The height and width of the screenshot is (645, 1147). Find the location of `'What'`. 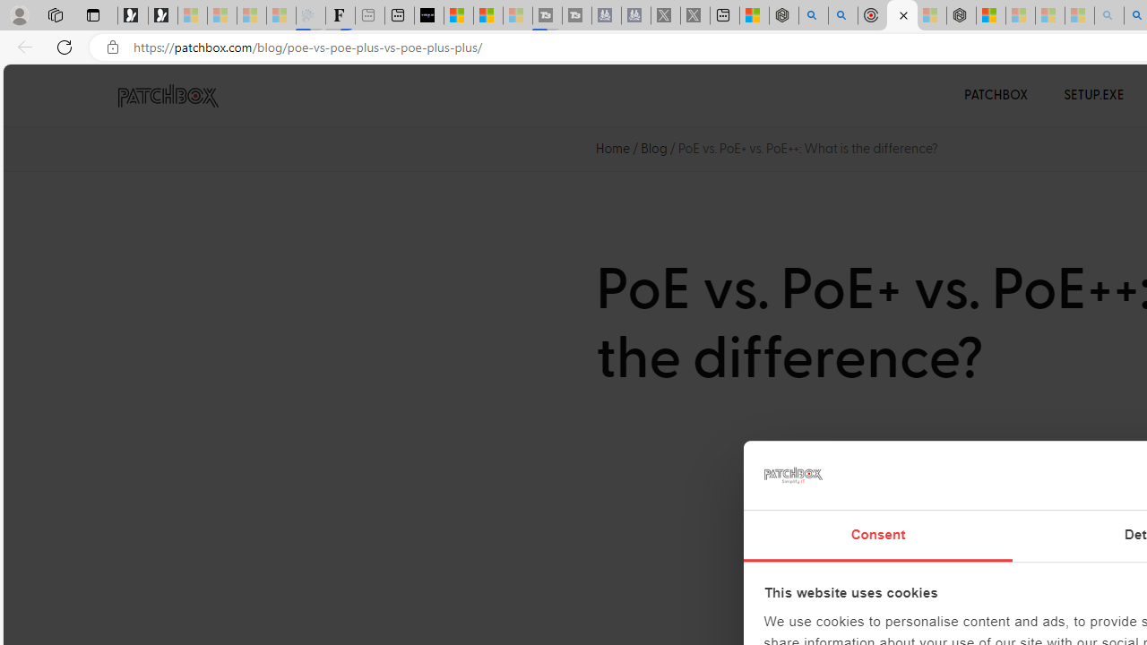

'What' is located at coordinates (428, 15).